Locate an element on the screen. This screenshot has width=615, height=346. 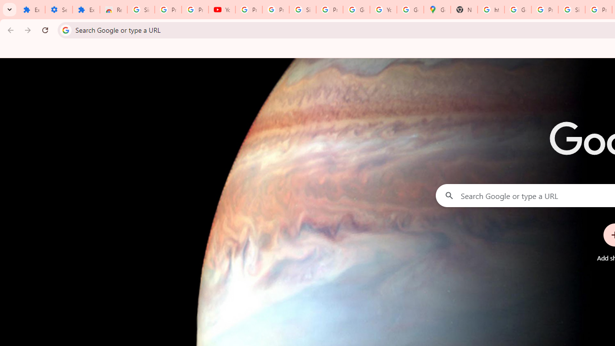
'Extensions' is located at coordinates (86, 10).